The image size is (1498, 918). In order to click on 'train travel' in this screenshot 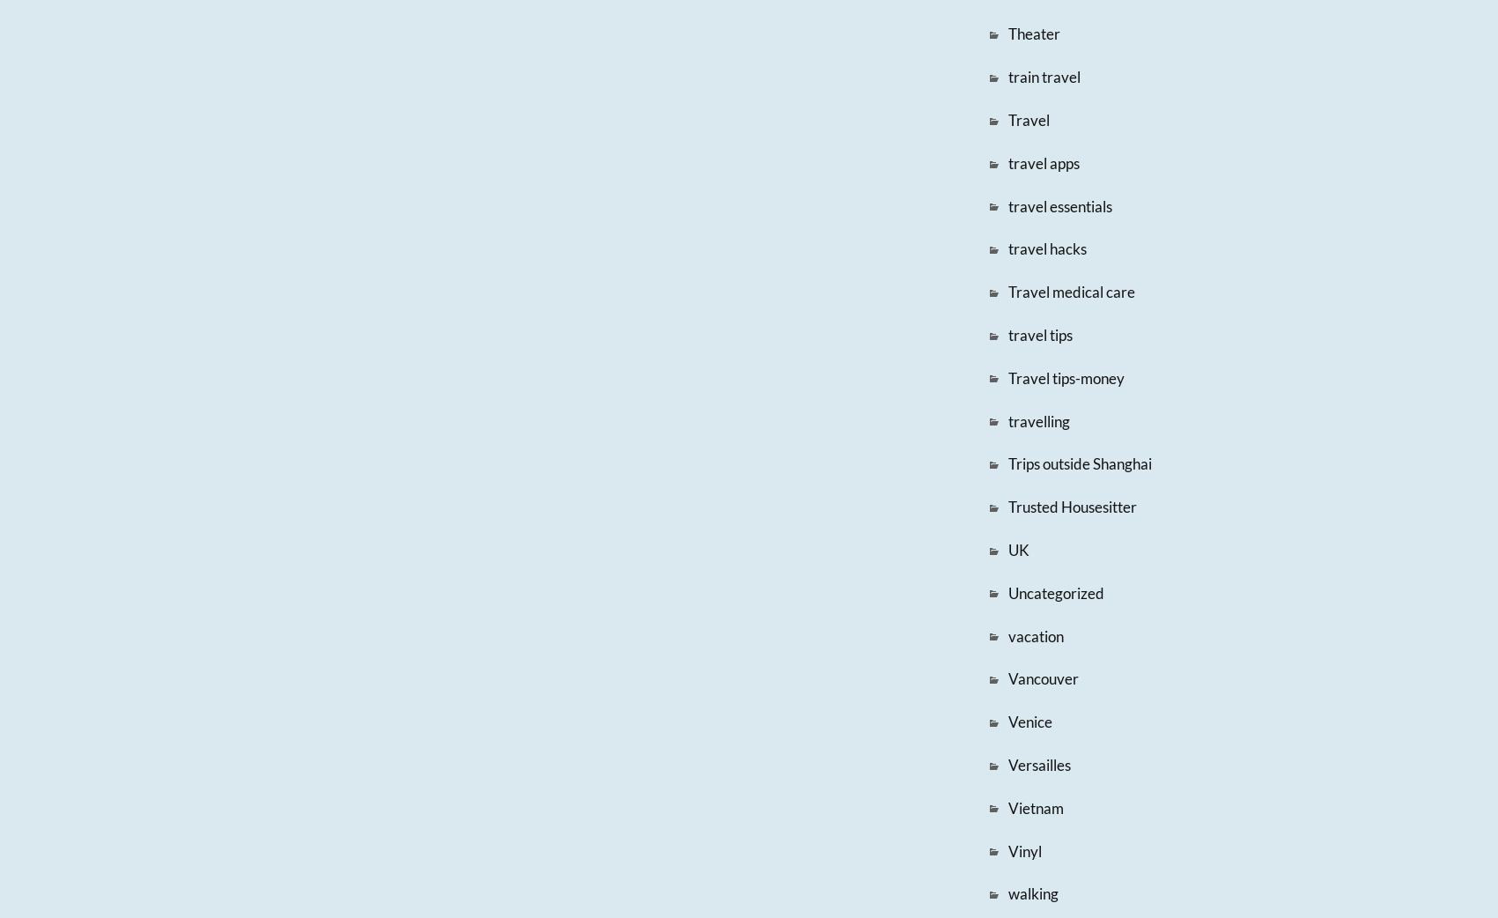, I will do `click(1042, 76)`.